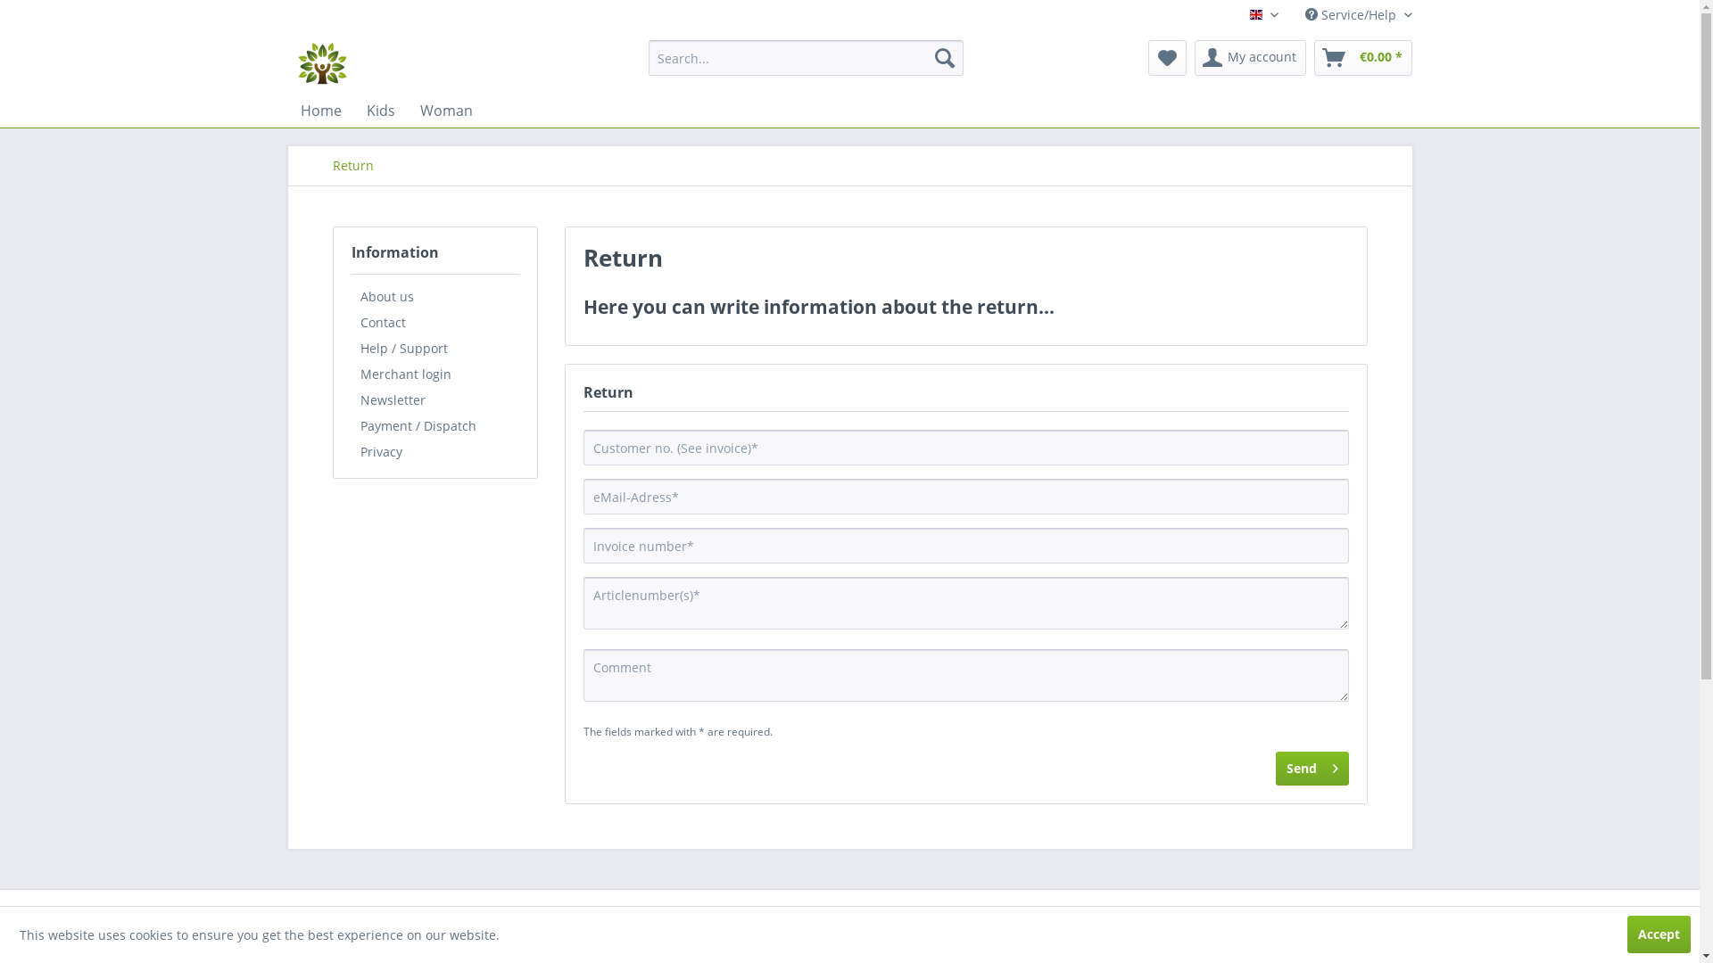 This screenshot has height=963, width=1713. I want to click on 'Return', so click(352, 165).